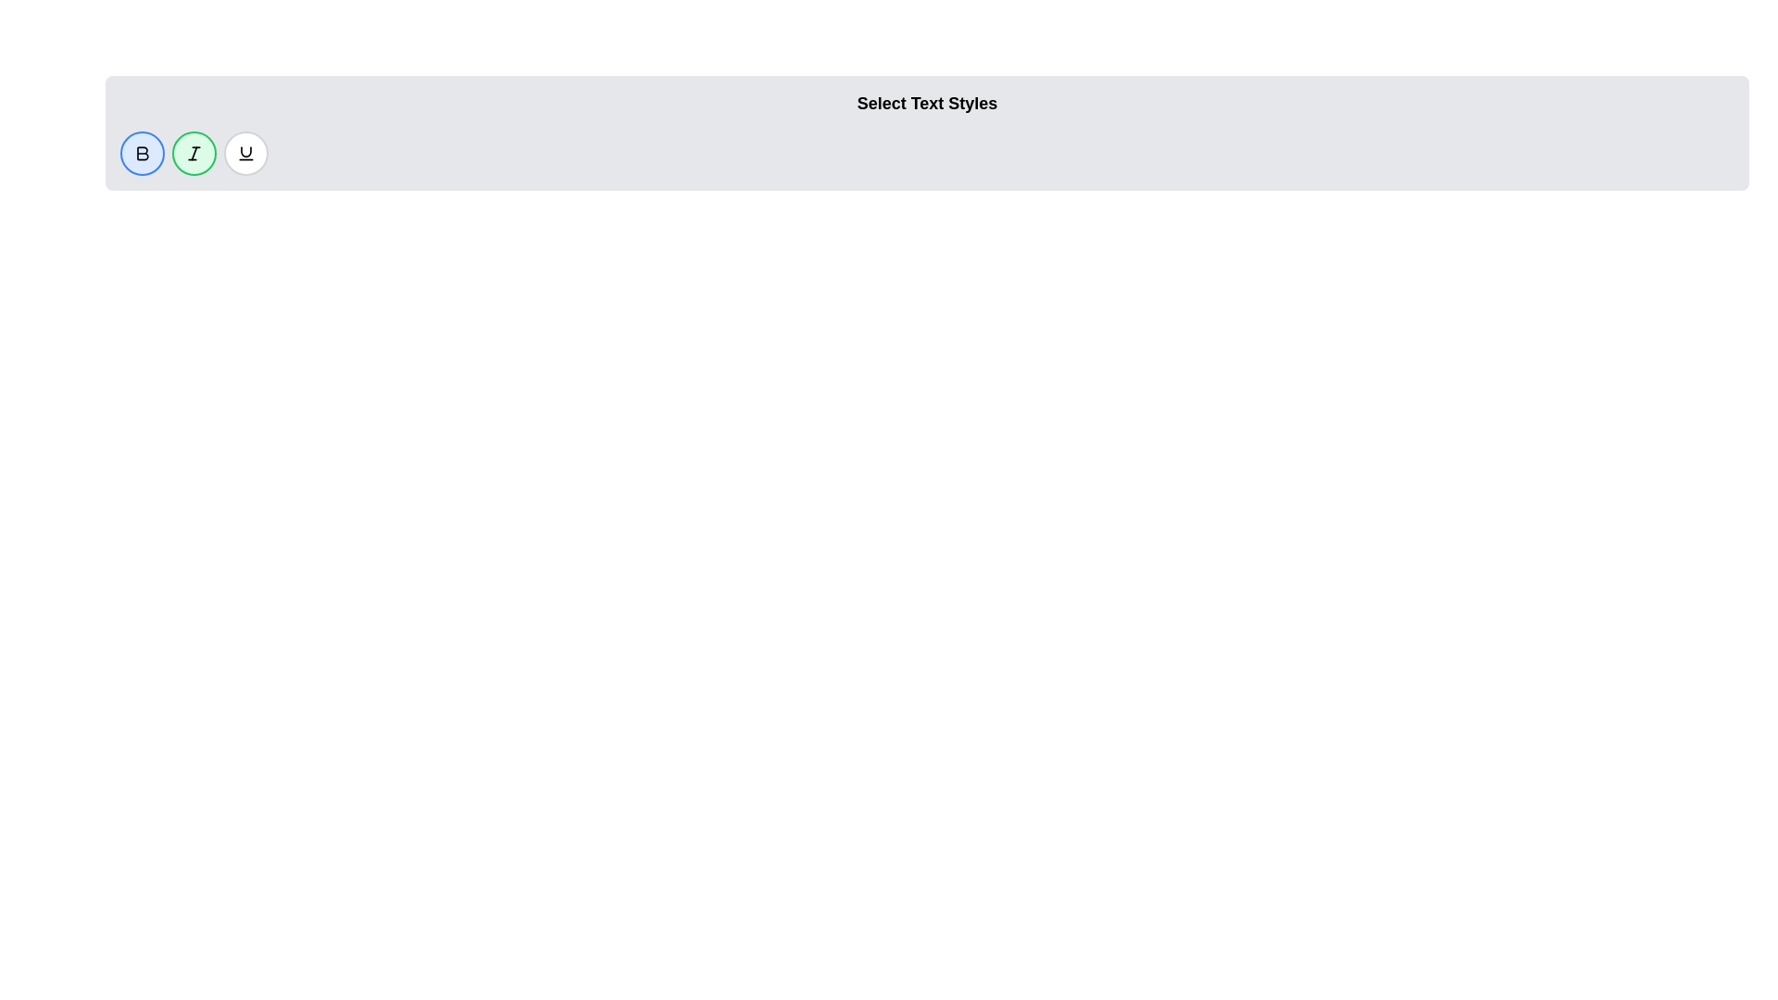 The width and height of the screenshot is (1778, 1000). What do you see at coordinates (244, 152) in the screenshot?
I see `the circular button with a white background and light gray border that contains an underlined capital letter 'U' to apply underline formatting` at bounding box center [244, 152].